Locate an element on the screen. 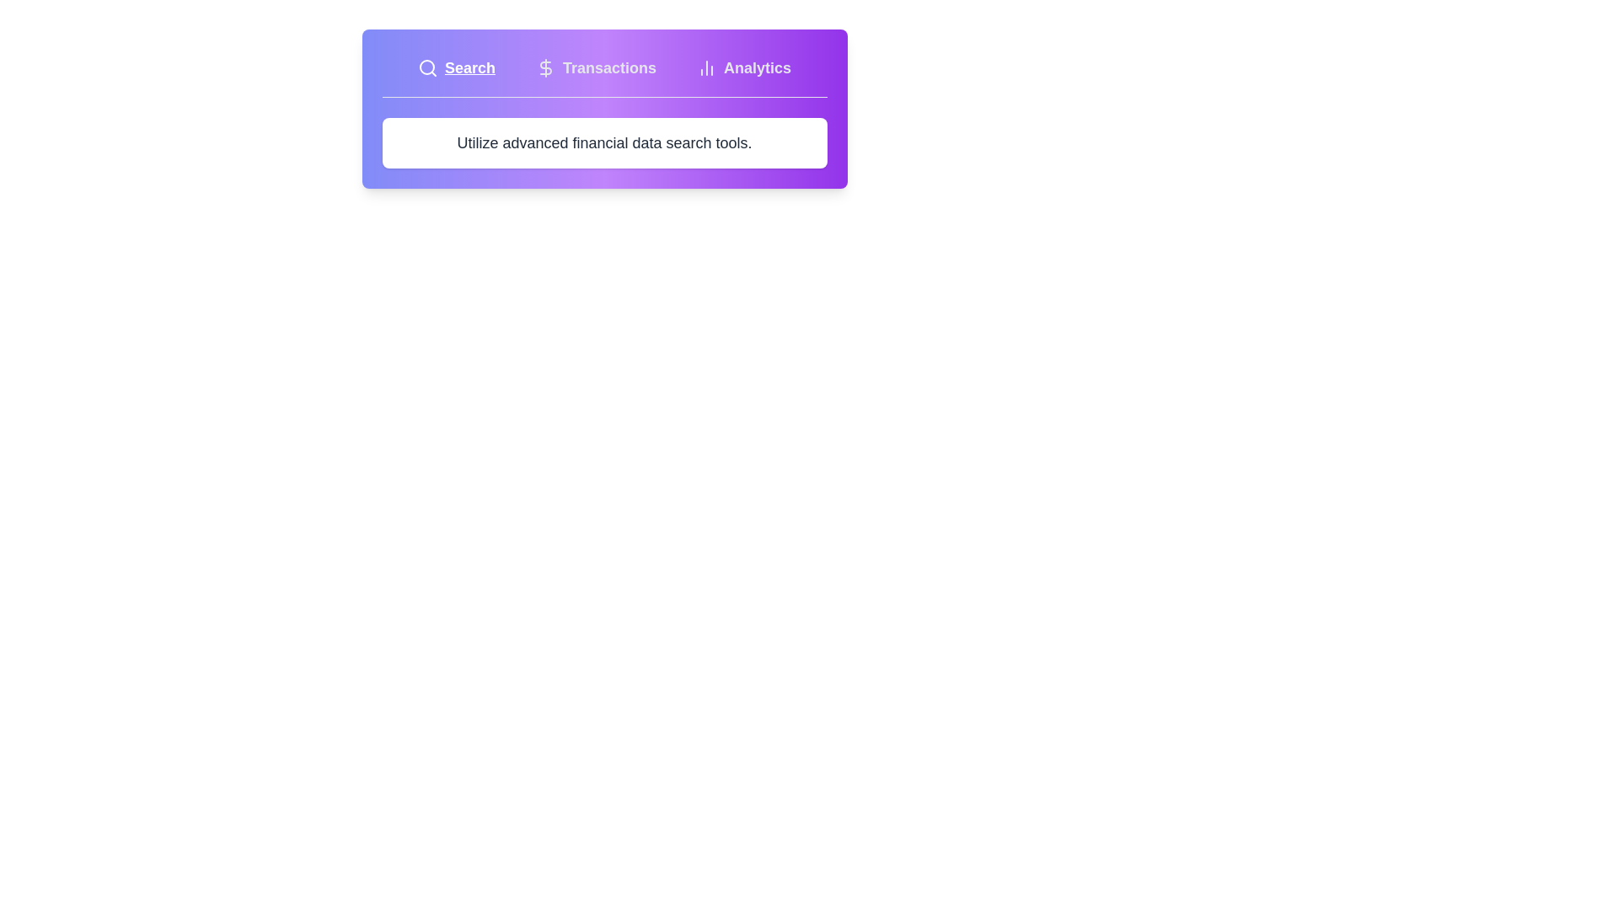 The width and height of the screenshot is (1618, 910). the tab labeled Search is located at coordinates (457, 67).